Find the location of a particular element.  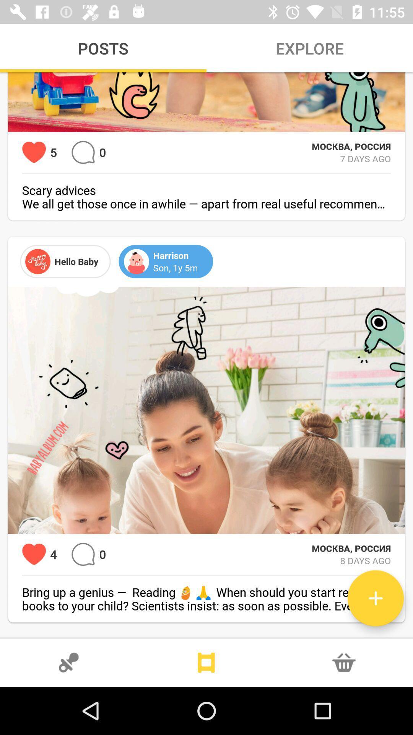

the more icon is located at coordinates (206, 662).